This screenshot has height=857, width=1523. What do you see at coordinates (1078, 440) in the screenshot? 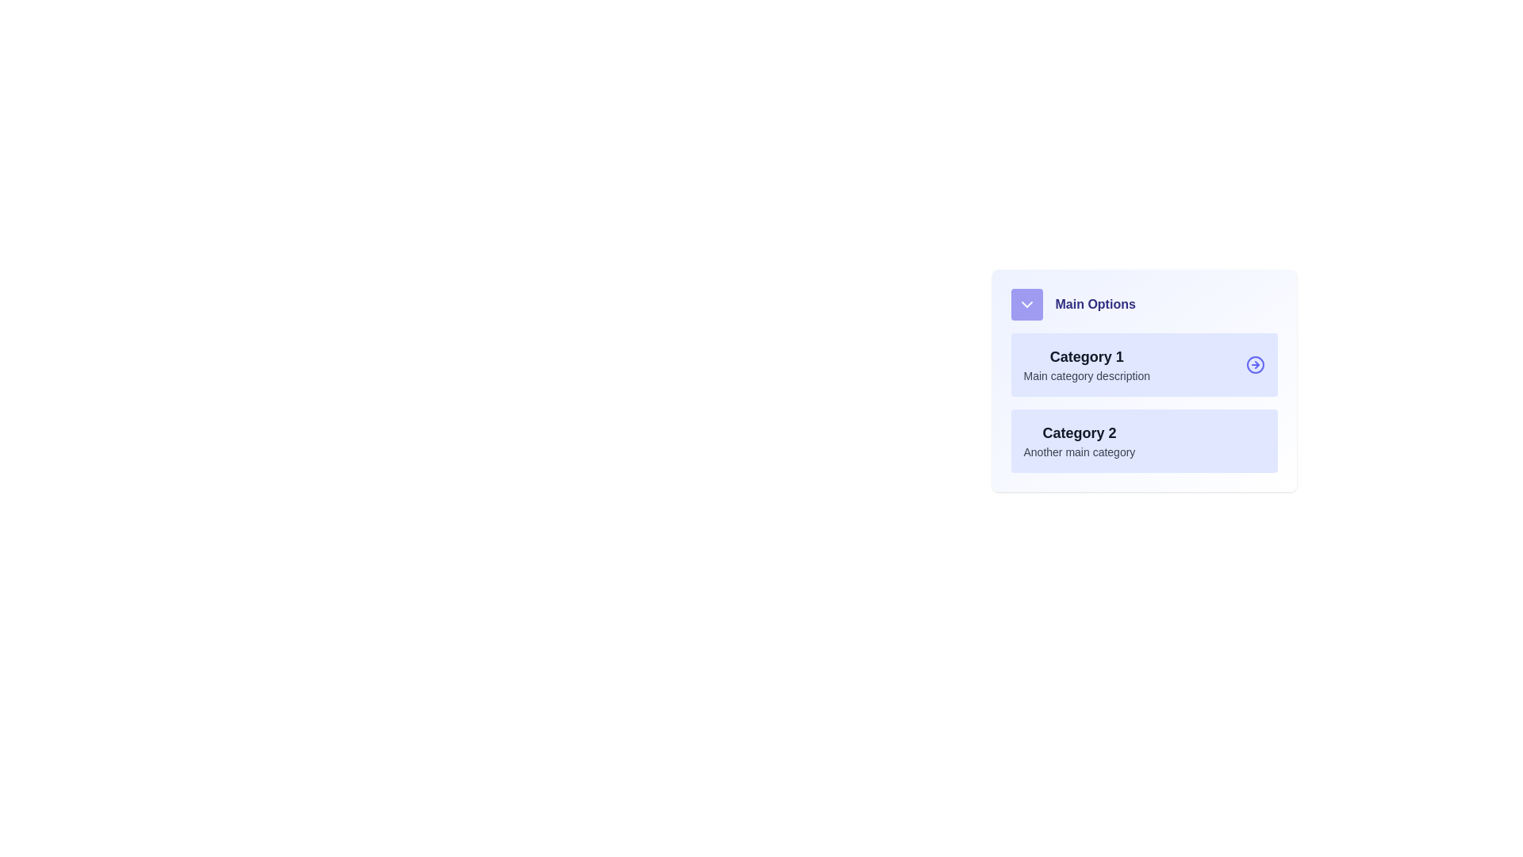
I see `to select or navigate to the 'Category 2' section, which is the second item in the list under 'Main Options' with bold black text and a light indigo background` at bounding box center [1078, 440].